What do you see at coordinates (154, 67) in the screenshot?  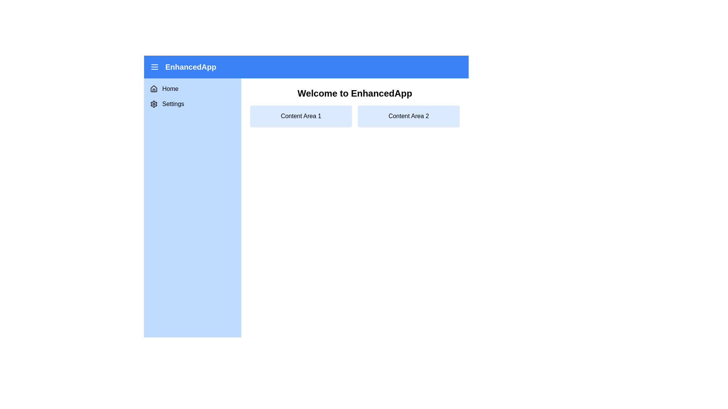 I see `the toggle button located to the far left of the header section next to the text 'EnhancedApp'` at bounding box center [154, 67].